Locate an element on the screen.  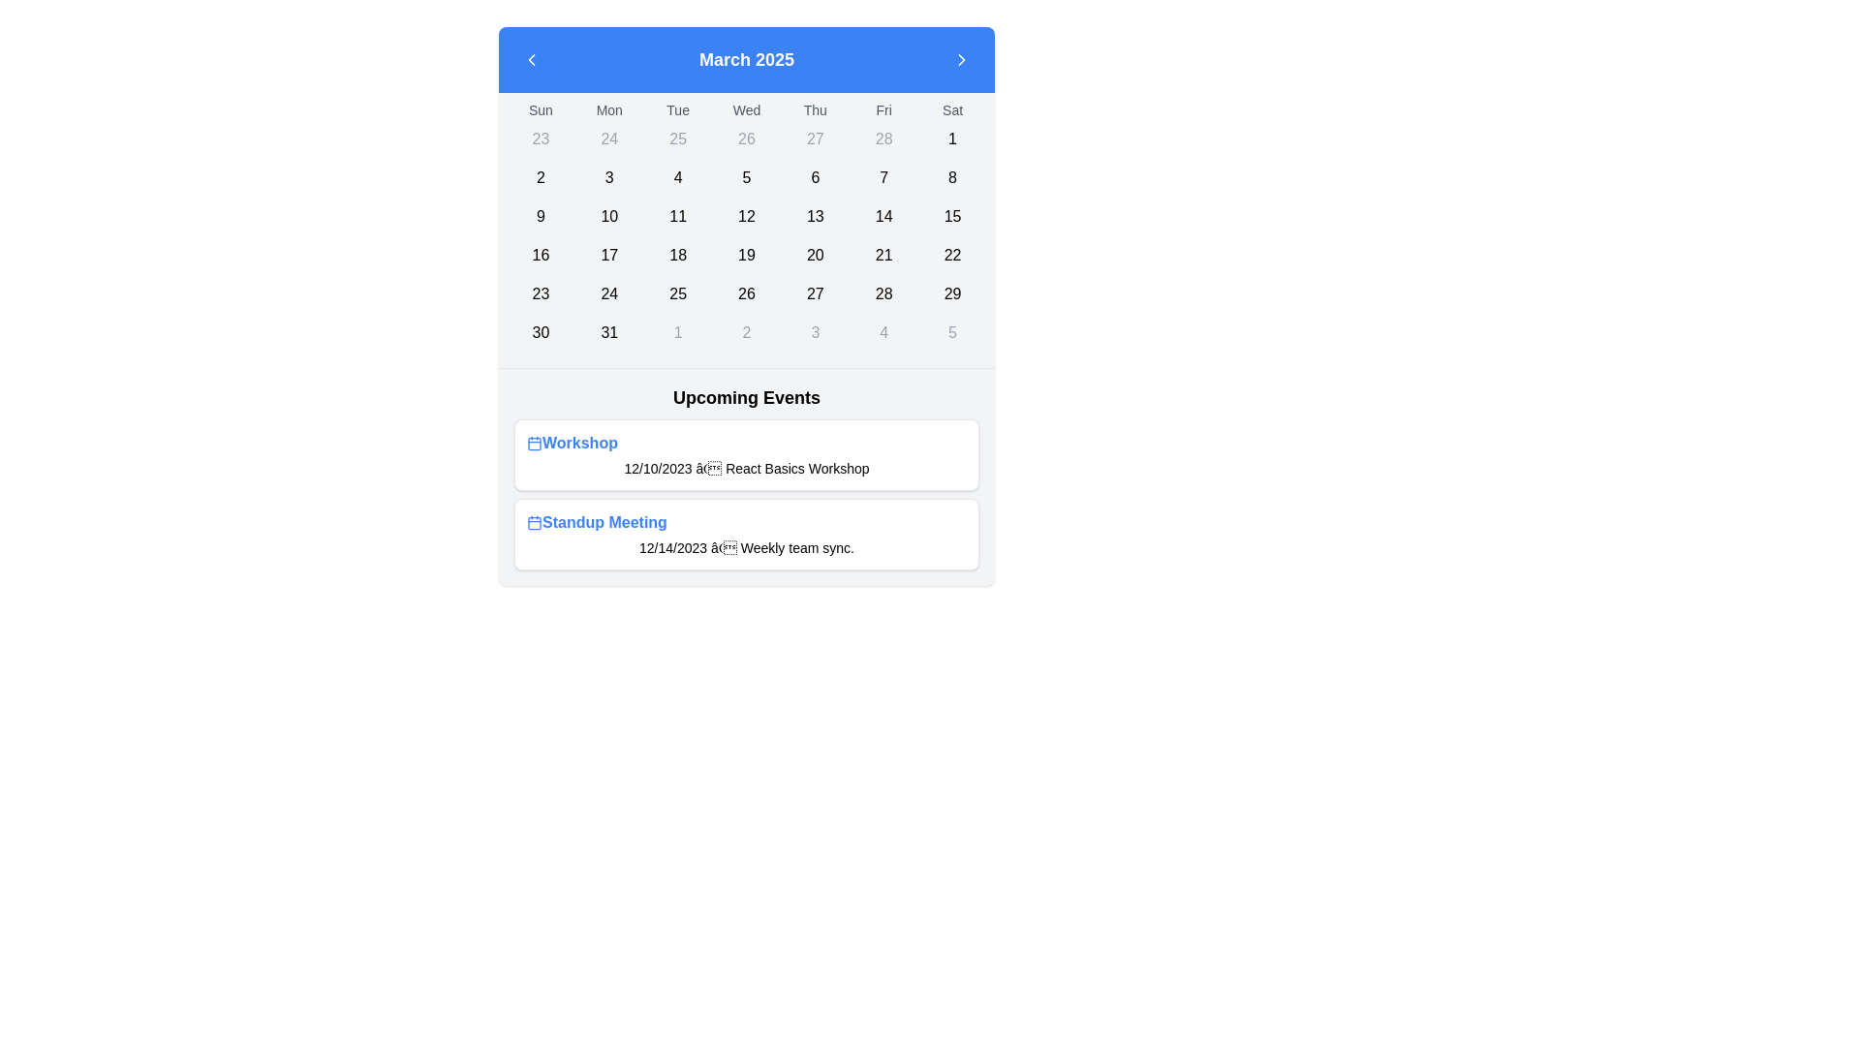
the rectangular button displaying the number '3' in a sans-serif black font, located under the 'Mon' column in the second row of the grid calendar layout for March 3rd is located at coordinates (608, 178).